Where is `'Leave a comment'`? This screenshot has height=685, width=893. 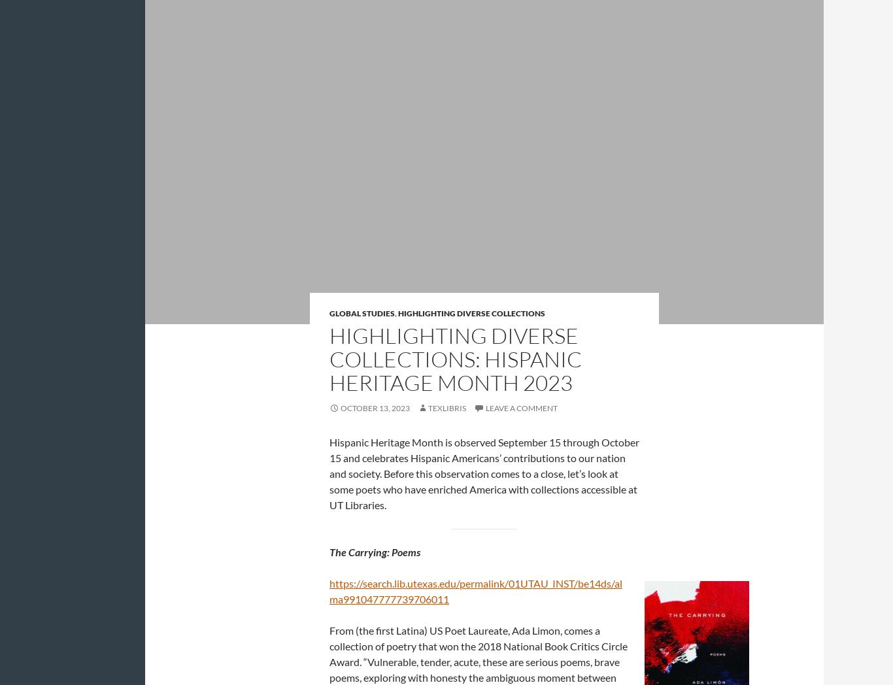
'Leave a comment' is located at coordinates (521, 407).